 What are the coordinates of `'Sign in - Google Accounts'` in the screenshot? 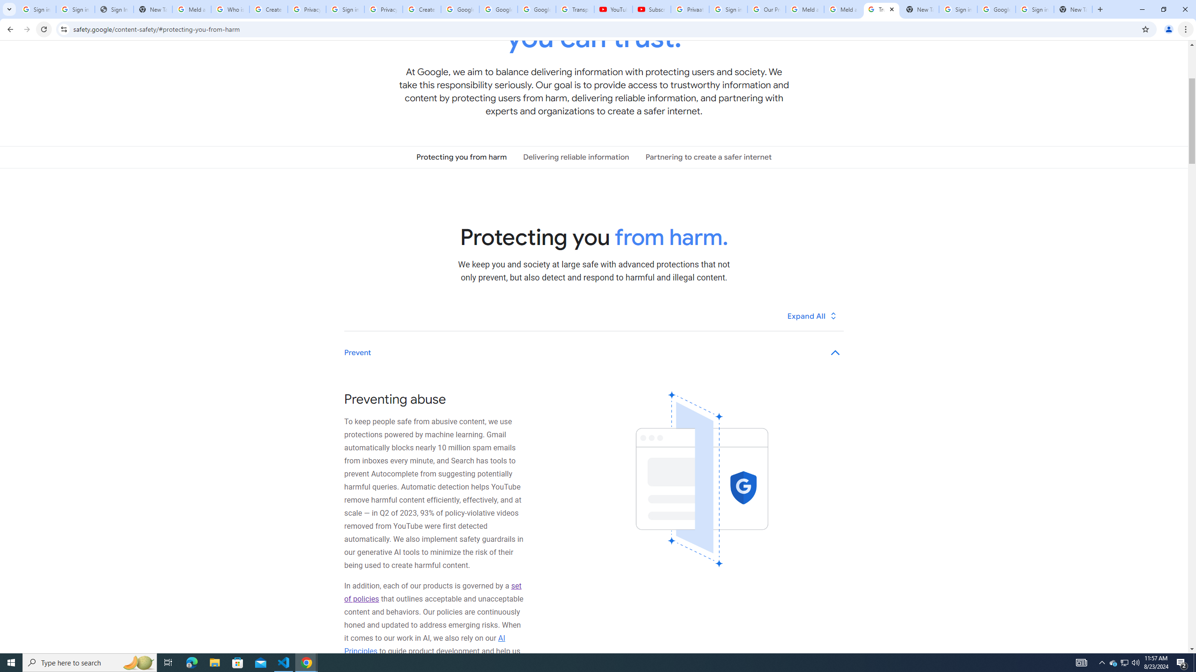 It's located at (344, 9).